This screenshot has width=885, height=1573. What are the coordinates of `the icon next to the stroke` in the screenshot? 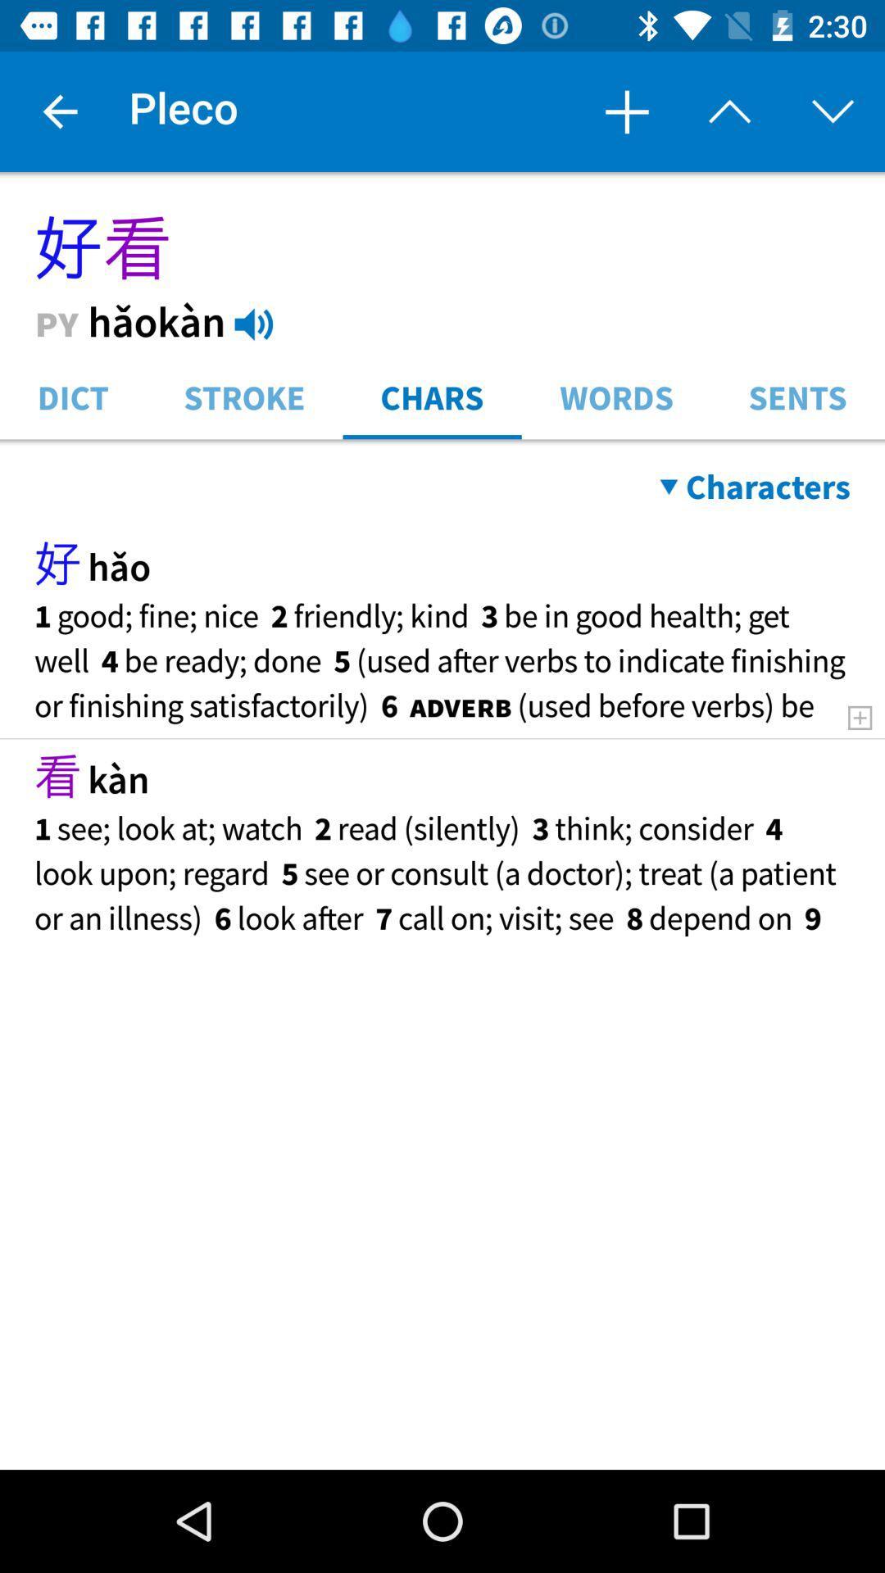 It's located at (431, 396).